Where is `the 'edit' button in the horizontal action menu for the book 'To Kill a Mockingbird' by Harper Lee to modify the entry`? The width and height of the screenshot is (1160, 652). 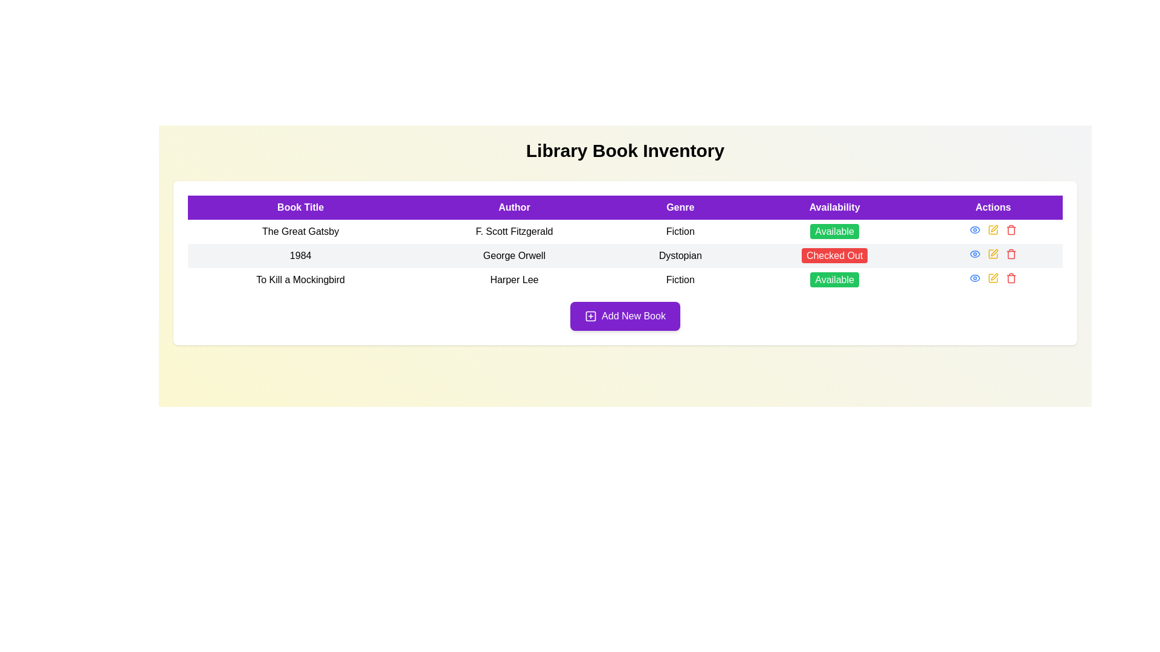 the 'edit' button in the horizontal action menu for the book 'To Kill a Mockingbird' by Harper Lee to modify the entry is located at coordinates (993, 278).